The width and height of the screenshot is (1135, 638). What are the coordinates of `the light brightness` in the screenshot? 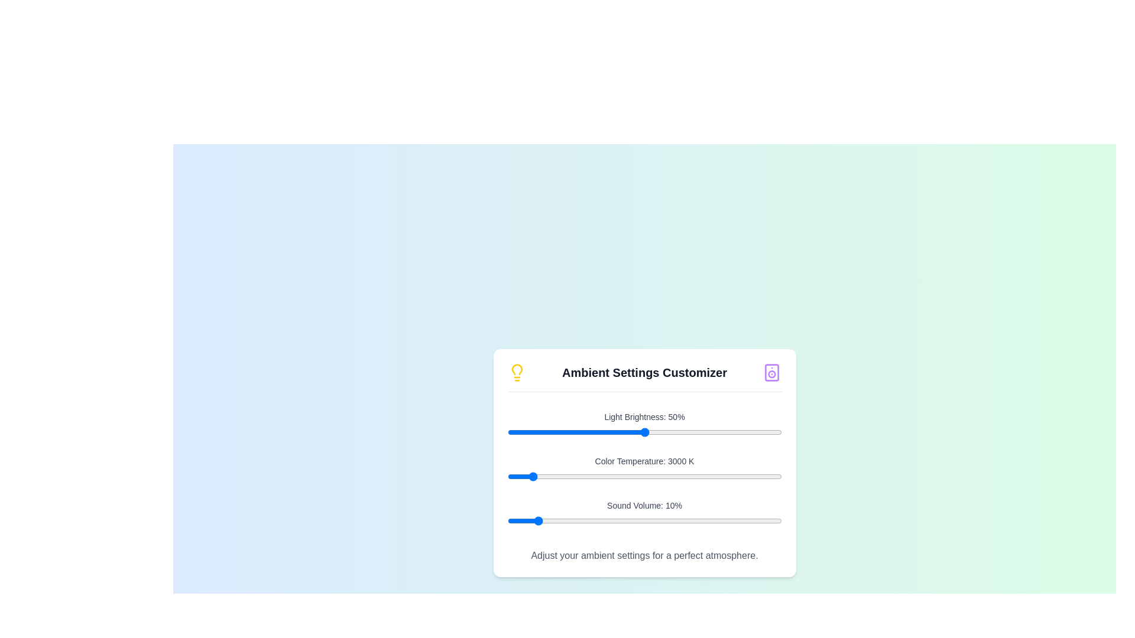 It's located at (726, 432).